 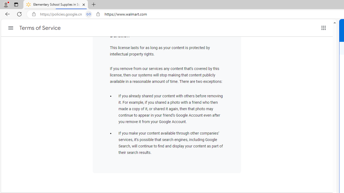 I want to click on 'Refresh', so click(x=19, y=14).